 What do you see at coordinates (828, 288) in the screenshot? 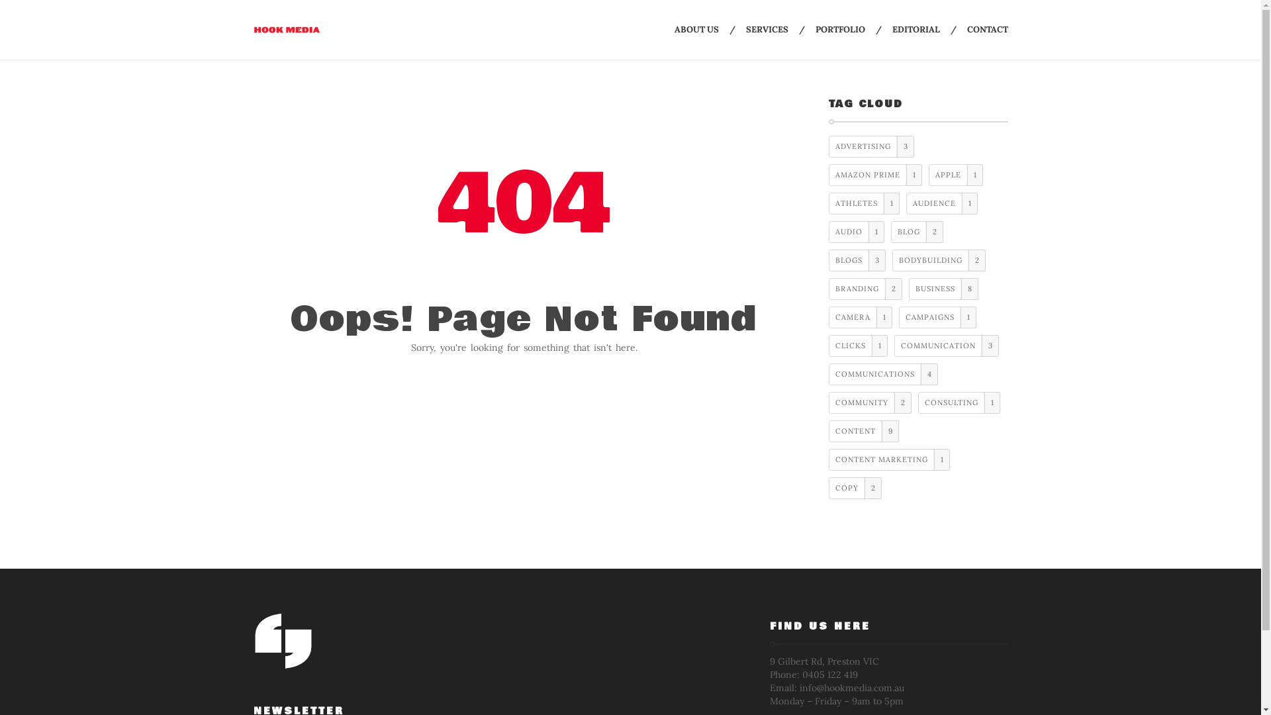
I see `'BRANDING2'` at bounding box center [828, 288].